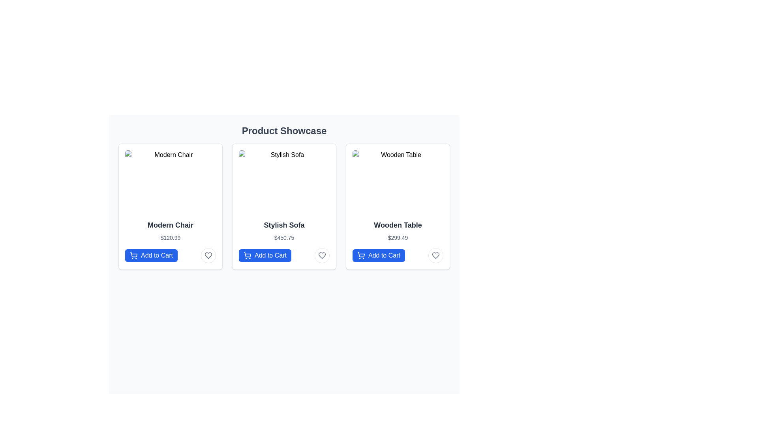  I want to click on the 'Add to Cart' button for the product 'Stylish Sofa', so click(284, 256).